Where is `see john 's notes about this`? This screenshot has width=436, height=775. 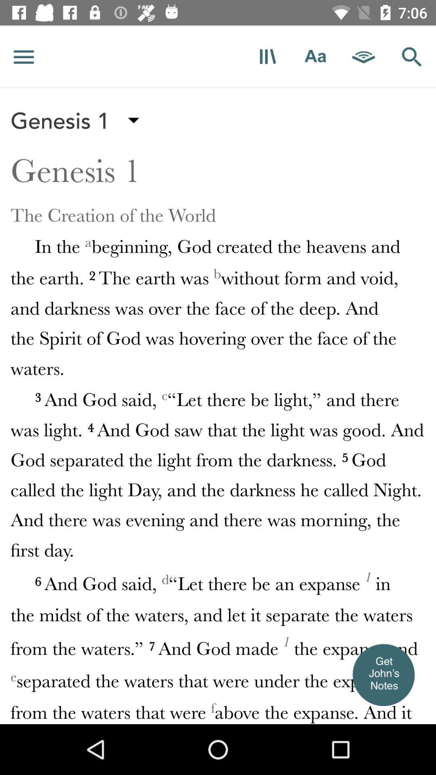
see john 's notes about this is located at coordinates (383, 674).